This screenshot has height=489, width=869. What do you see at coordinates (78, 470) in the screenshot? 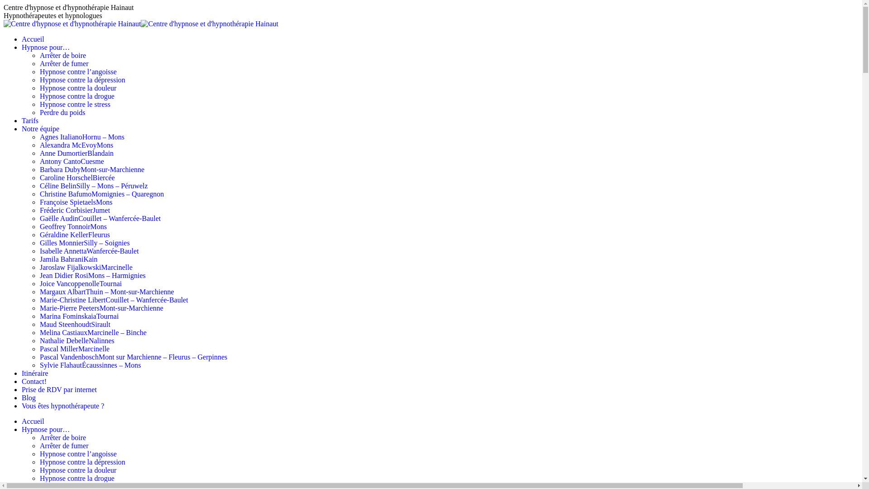
I see `'Hypnose contre la douleur'` at bounding box center [78, 470].